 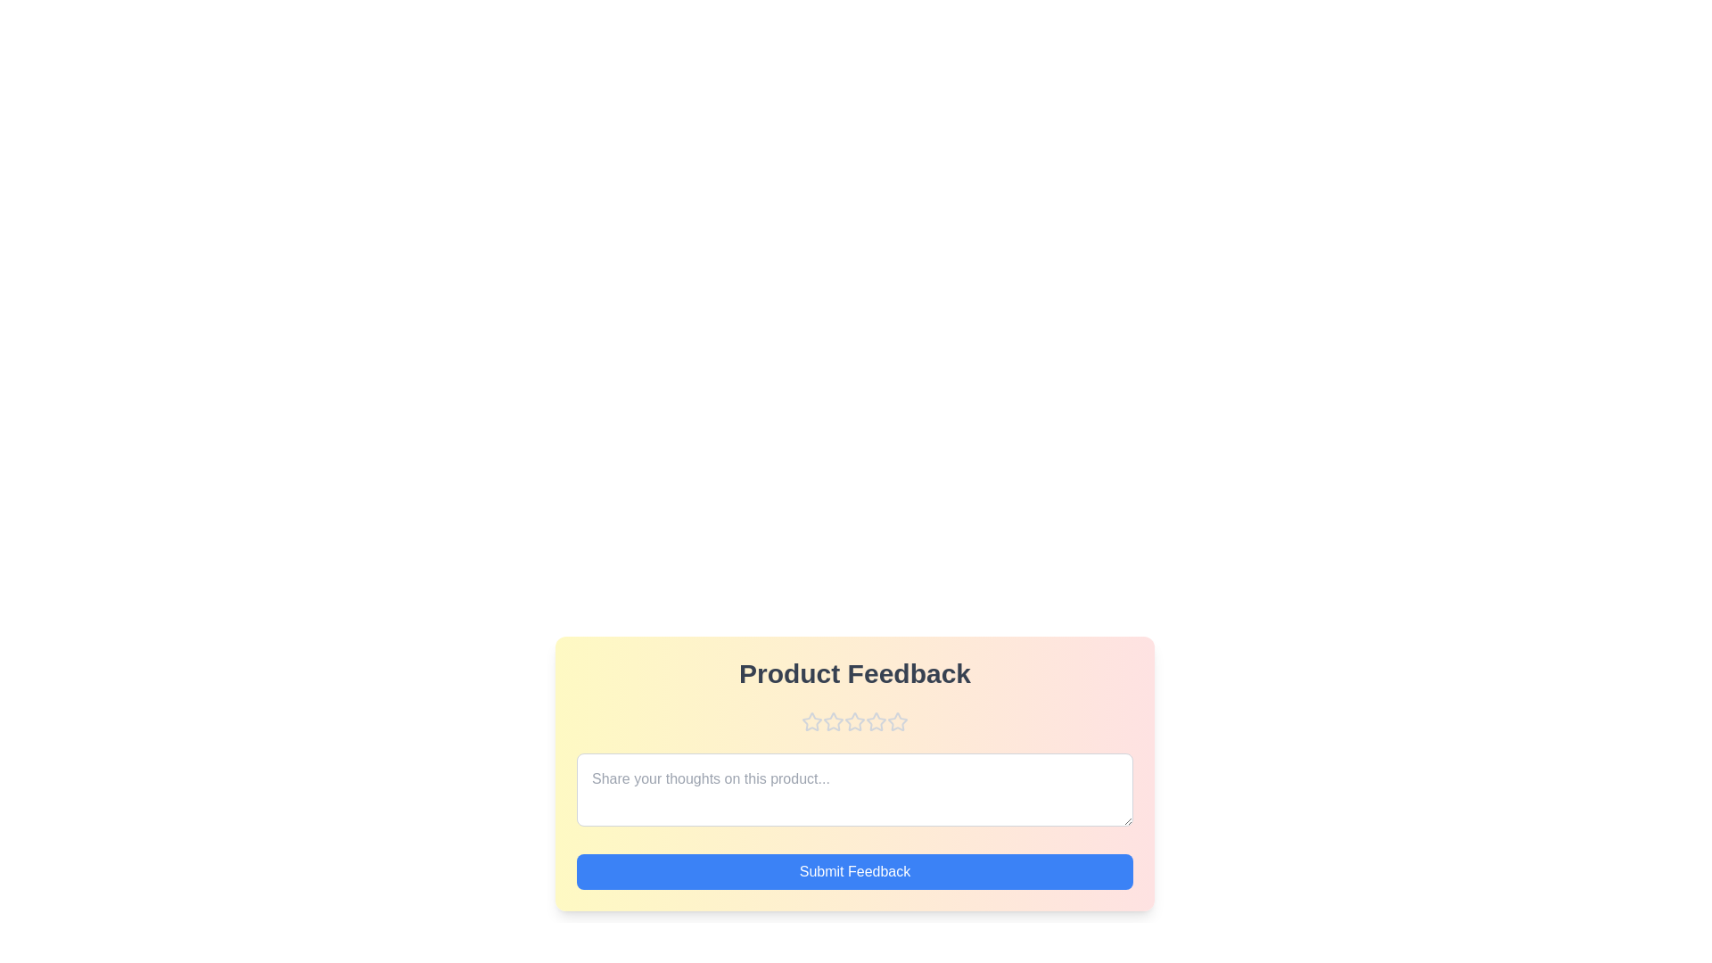 What do you see at coordinates (854, 871) in the screenshot?
I see `the 'Submit Feedback' button to submit the feedback` at bounding box center [854, 871].